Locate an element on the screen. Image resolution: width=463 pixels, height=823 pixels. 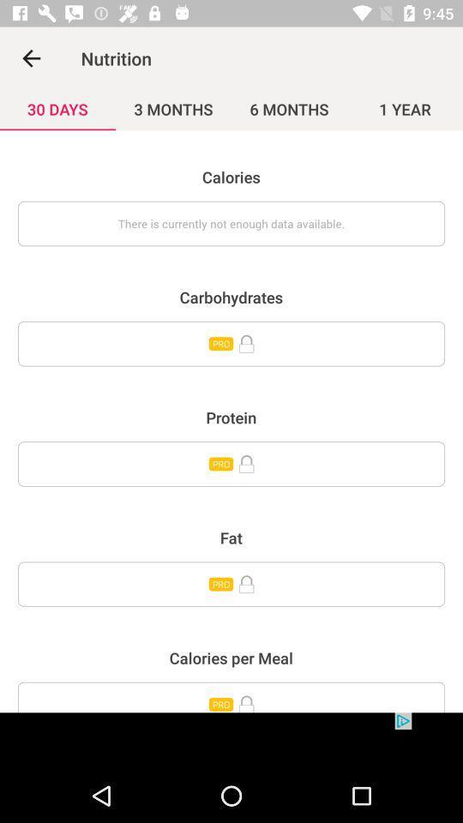
unlock pro mode is located at coordinates (231, 697).